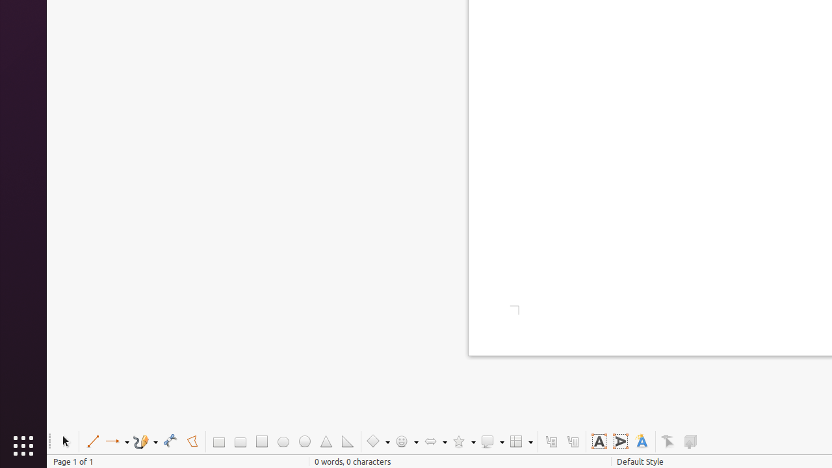  What do you see at coordinates (376, 441) in the screenshot?
I see `'Basic Shapes'` at bounding box center [376, 441].